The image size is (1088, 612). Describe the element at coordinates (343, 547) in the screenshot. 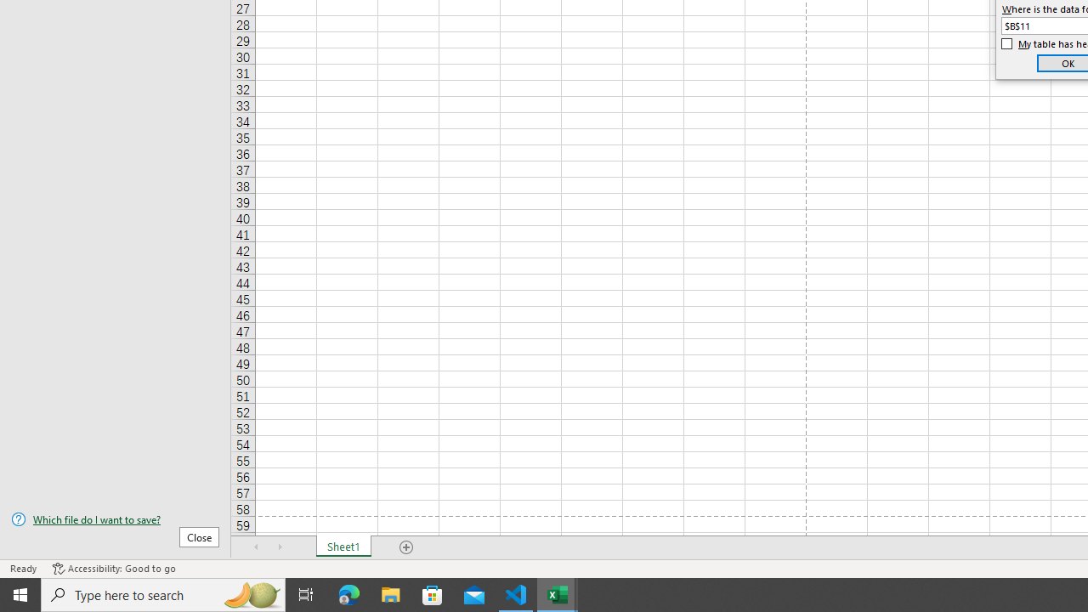

I see `'Sheet1'` at that location.